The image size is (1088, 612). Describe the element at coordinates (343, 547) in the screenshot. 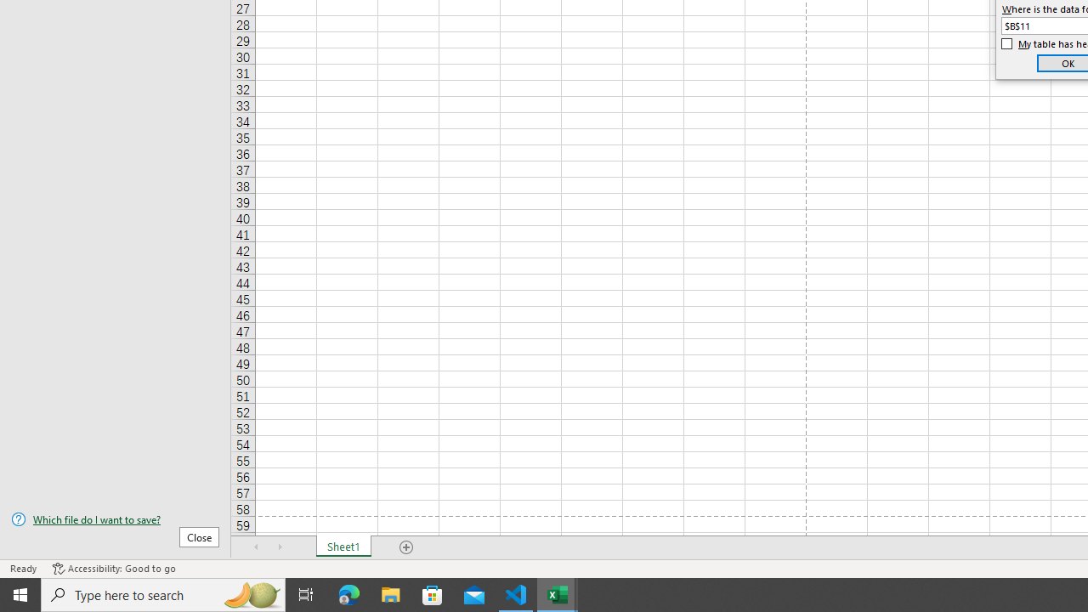

I see `'Sheet1'` at that location.